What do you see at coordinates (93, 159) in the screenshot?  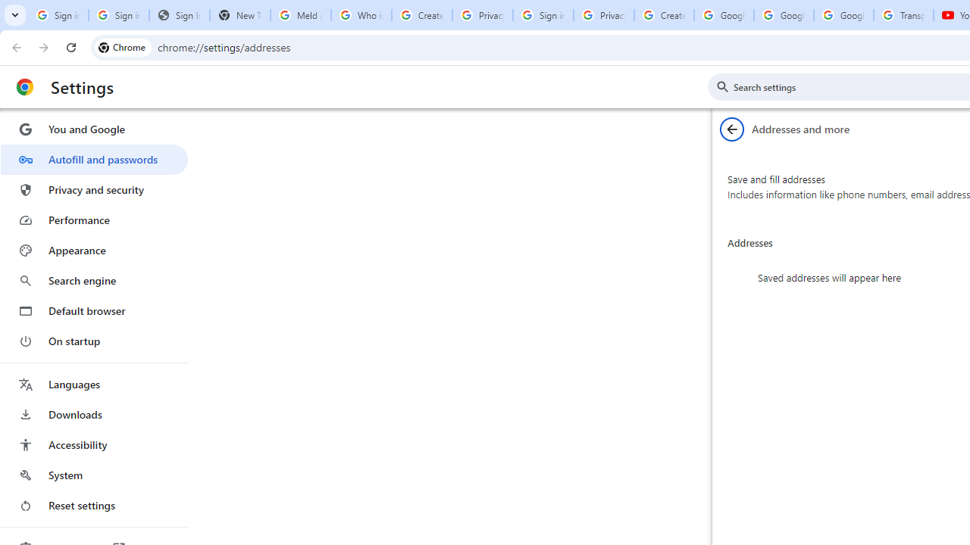 I see `'Autofill and passwords'` at bounding box center [93, 159].